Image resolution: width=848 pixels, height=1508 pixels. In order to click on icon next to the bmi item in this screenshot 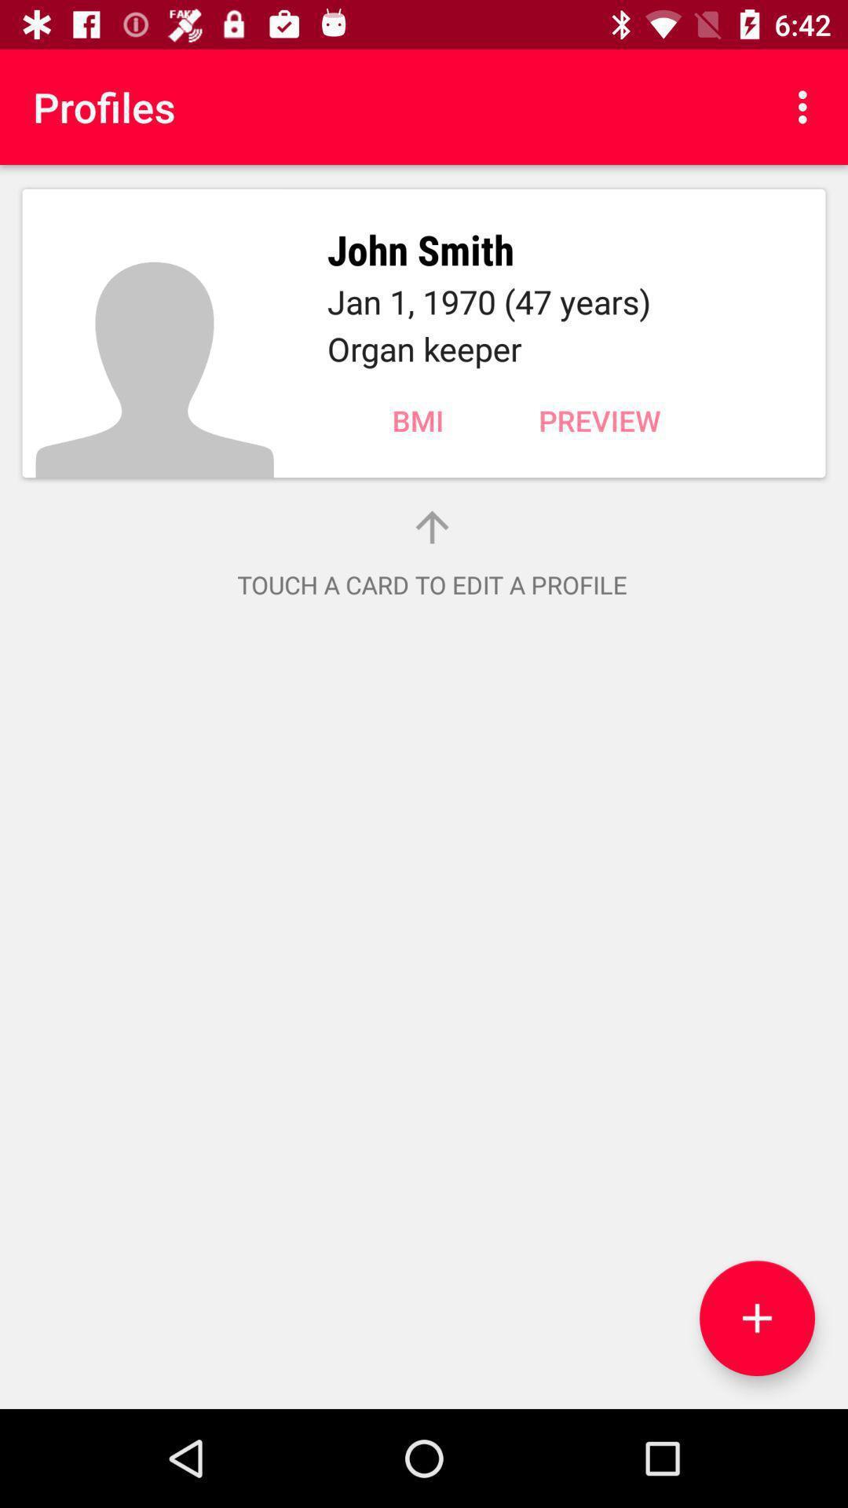, I will do `click(599, 420)`.